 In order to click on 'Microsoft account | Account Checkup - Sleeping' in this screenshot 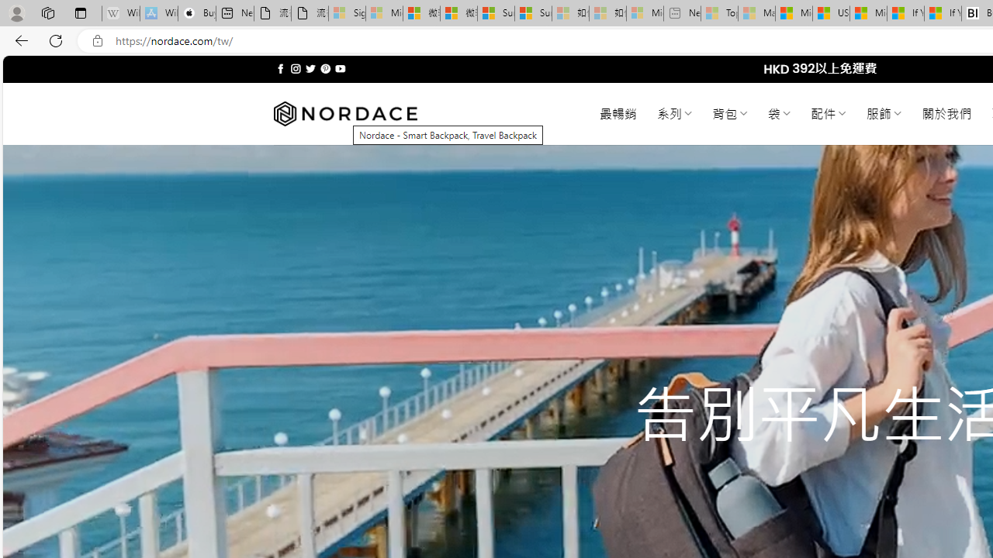, I will do `click(645, 13)`.